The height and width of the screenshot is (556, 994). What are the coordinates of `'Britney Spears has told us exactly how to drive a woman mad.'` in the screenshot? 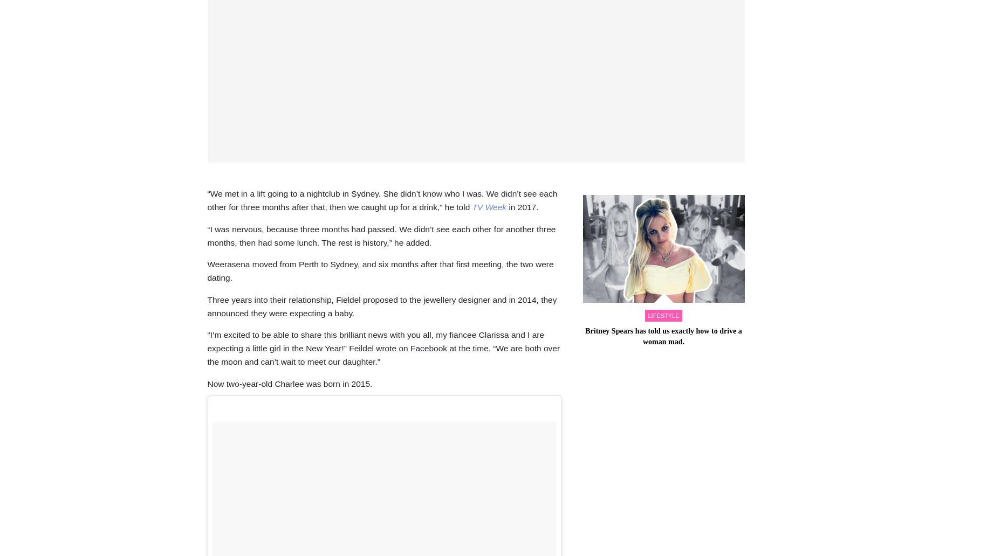 It's located at (663, 336).